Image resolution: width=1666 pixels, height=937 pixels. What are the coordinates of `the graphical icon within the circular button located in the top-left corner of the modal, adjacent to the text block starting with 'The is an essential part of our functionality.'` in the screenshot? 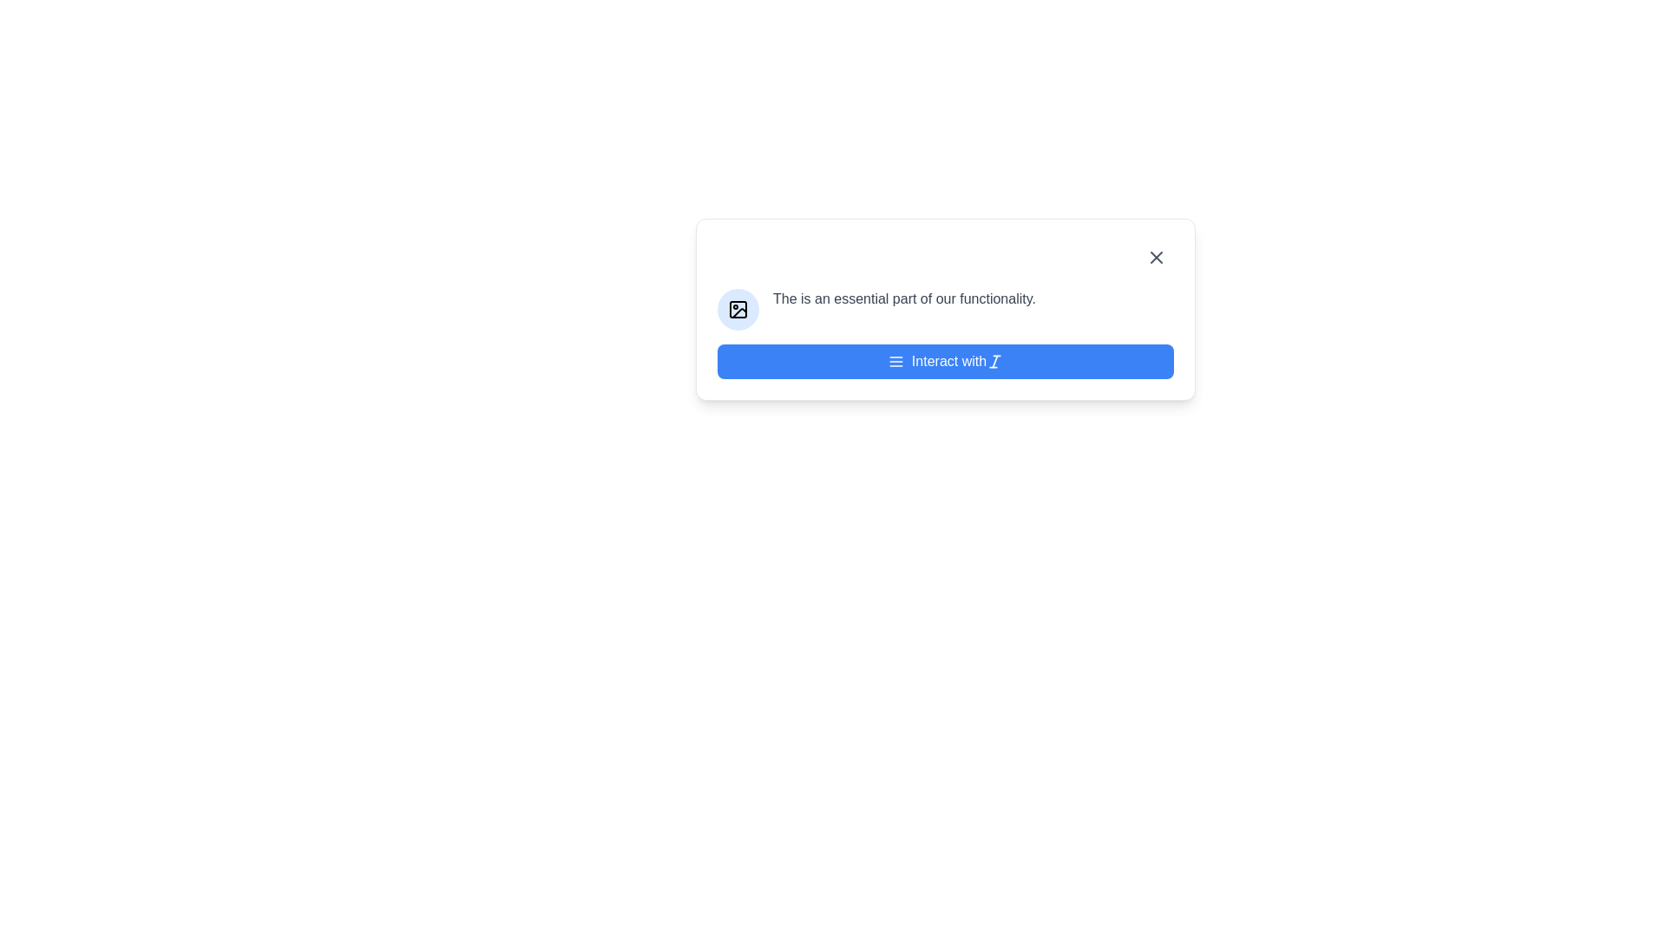 It's located at (738, 309).